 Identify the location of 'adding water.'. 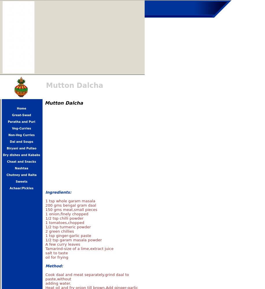
(58, 283).